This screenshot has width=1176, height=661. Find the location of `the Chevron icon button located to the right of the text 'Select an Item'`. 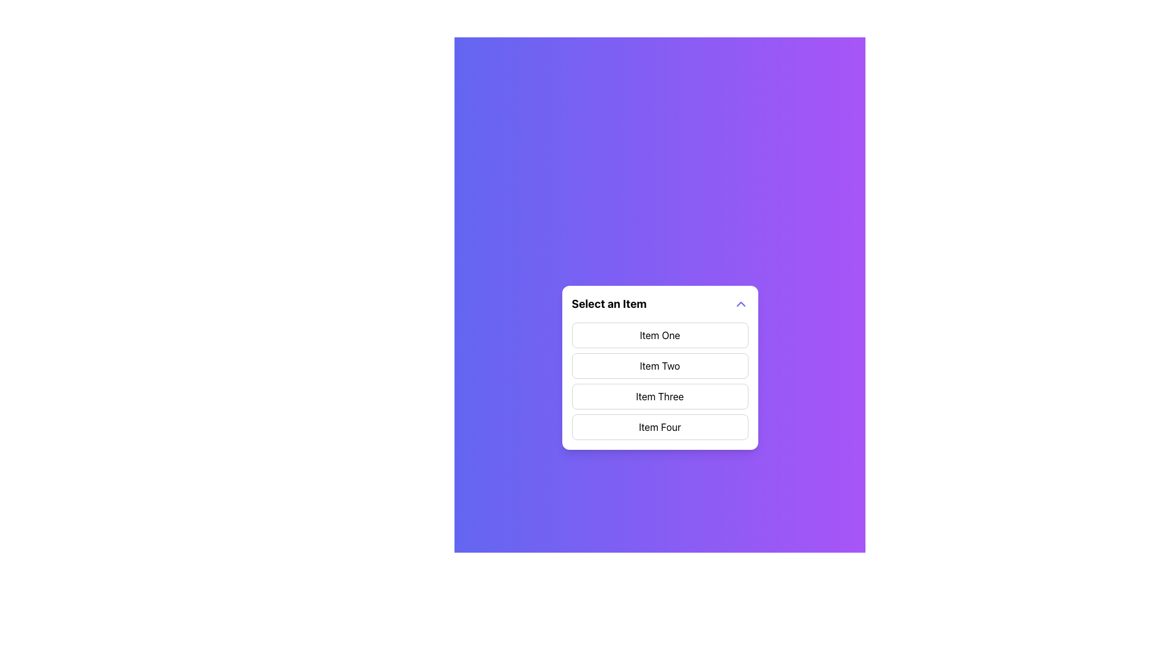

the Chevron icon button located to the right of the text 'Select an Item' is located at coordinates (740, 304).